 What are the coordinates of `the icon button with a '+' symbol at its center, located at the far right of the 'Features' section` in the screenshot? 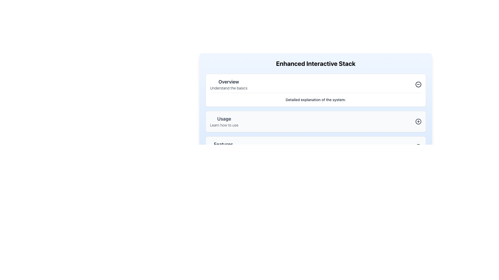 It's located at (418, 147).